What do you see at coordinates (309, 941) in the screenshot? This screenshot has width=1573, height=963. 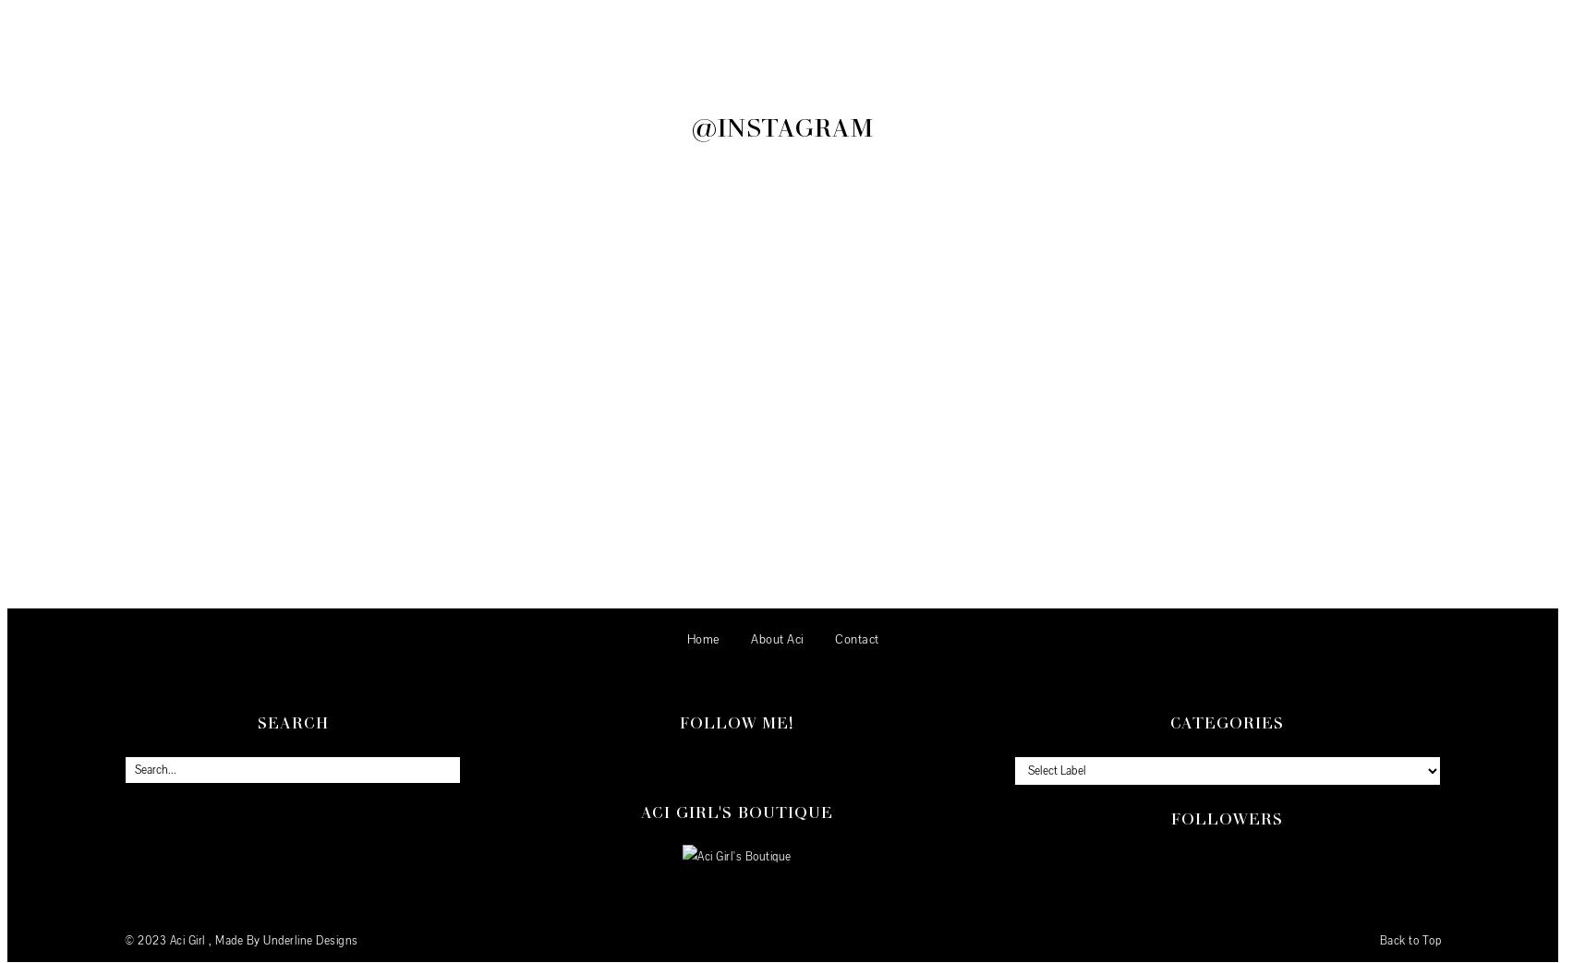 I see `'Underline Designs'` at bounding box center [309, 941].